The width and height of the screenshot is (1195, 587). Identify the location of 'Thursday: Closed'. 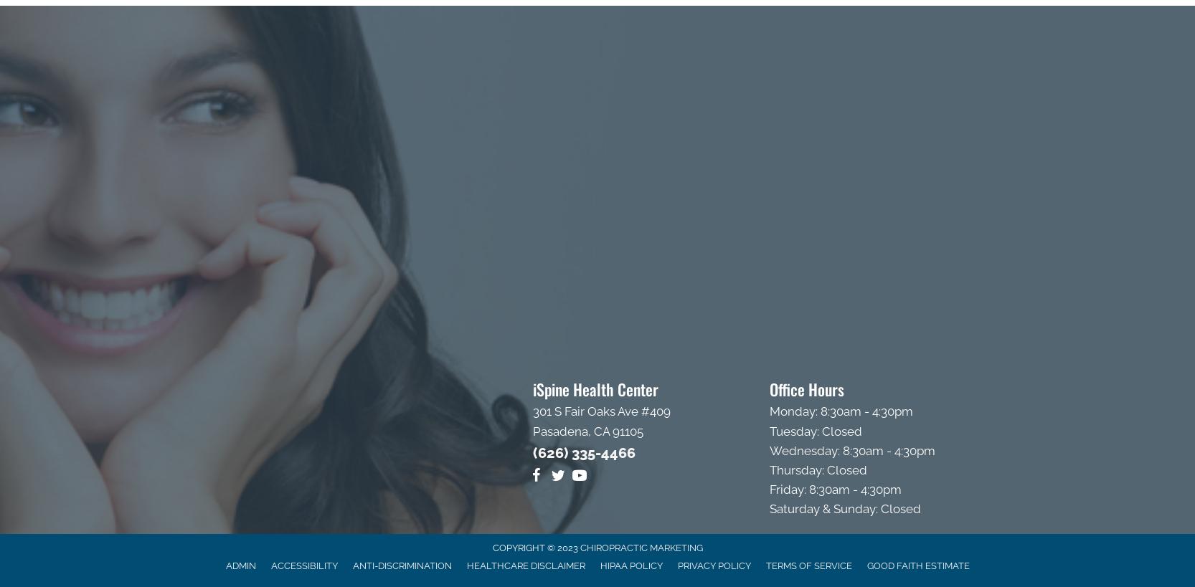
(818, 470).